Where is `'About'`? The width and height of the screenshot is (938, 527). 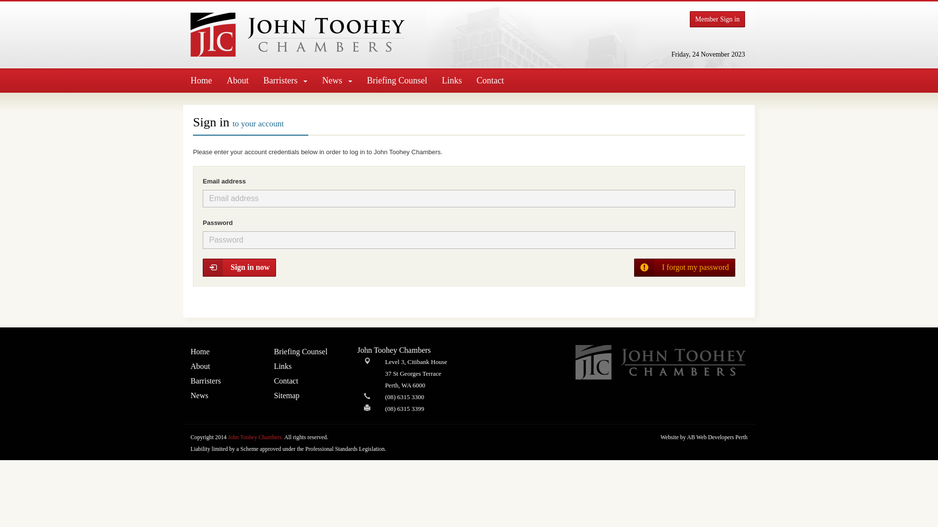 'About' is located at coordinates (224, 366).